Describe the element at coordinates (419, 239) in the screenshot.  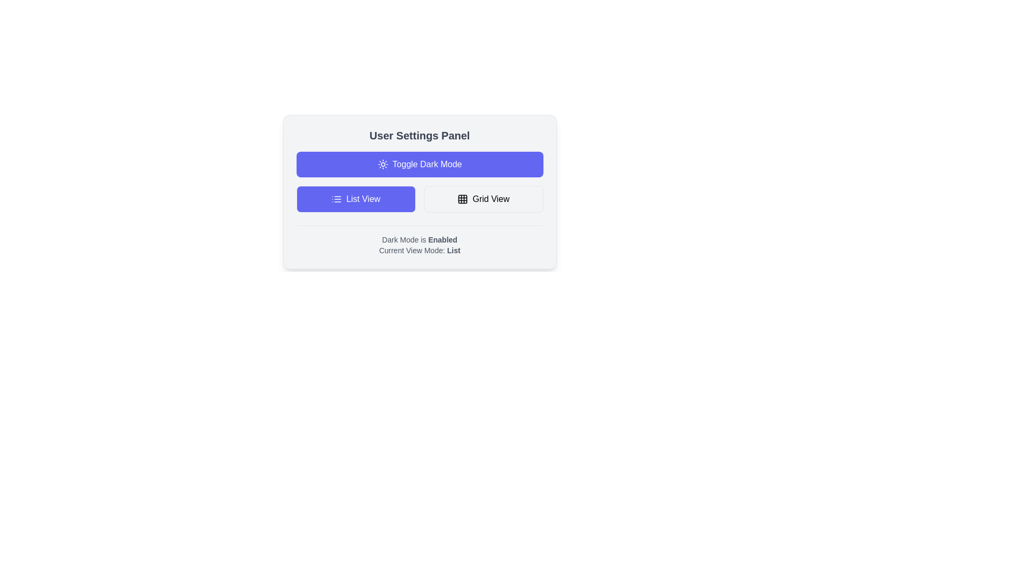
I see `the text label that reads 'Dark Mode is Enabled', styled in gray with emphasis on 'Enabled', located in the User Settings Panel` at that location.